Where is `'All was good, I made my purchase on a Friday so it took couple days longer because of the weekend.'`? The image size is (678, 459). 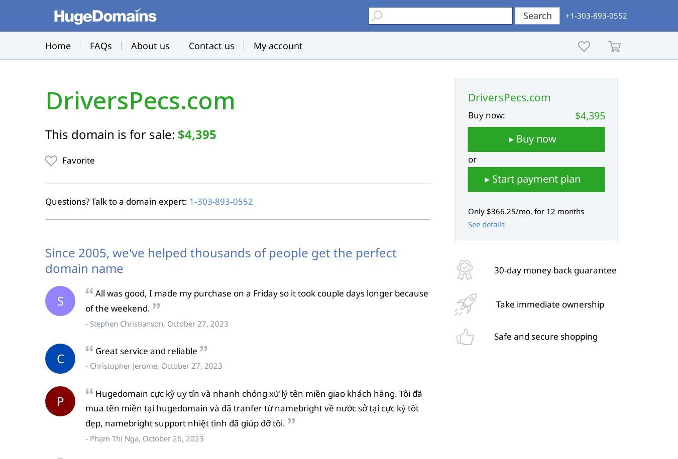
'All was good, I made my purchase on a Friday so it took couple days longer because of the weekend.' is located at coordinates (256, 300).